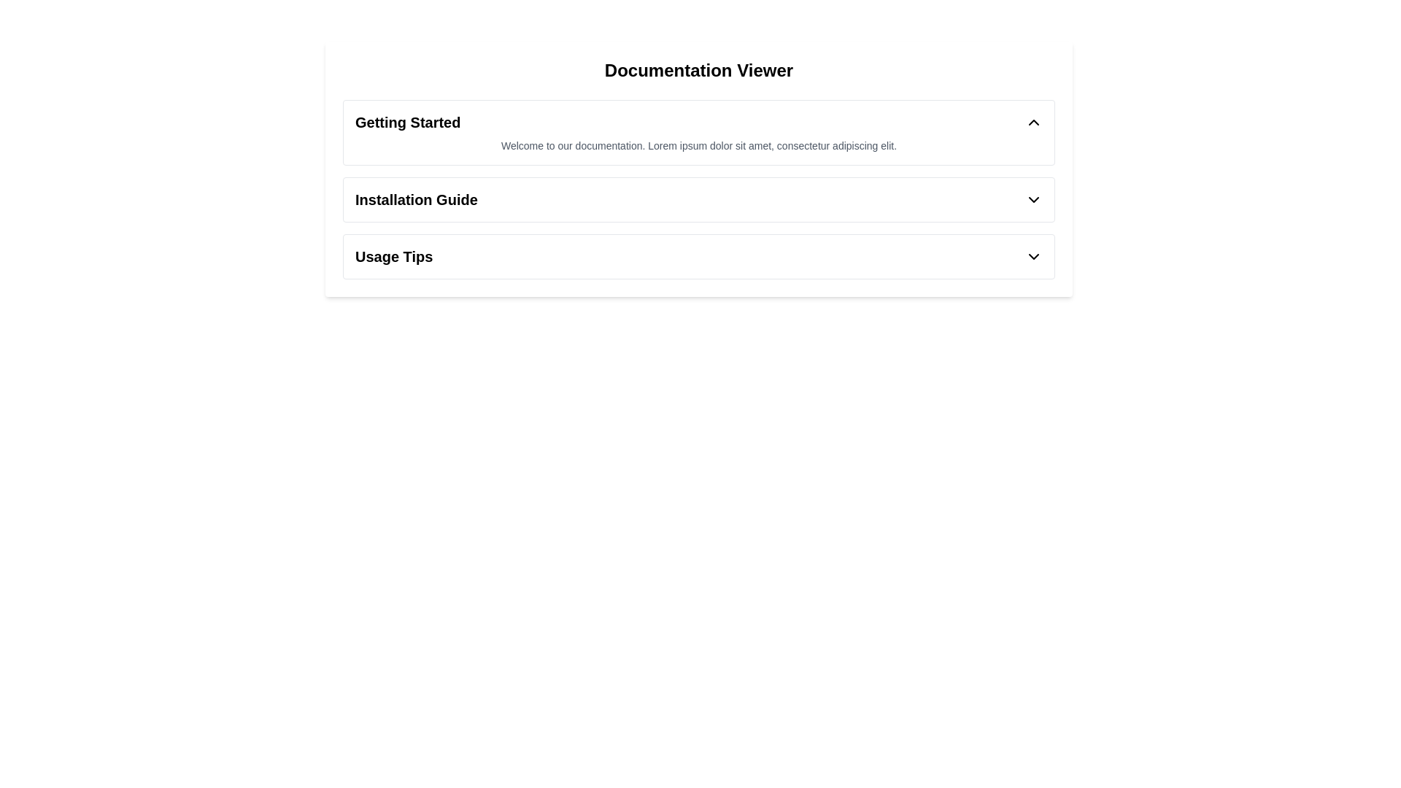 The width and height of the screenshot is (1401, 788). What do you see at coordinates (408, 122) in the screenshot?
I see `text of the Text Label located immediately below the title 'Documentation Viewer', which serves as a heading for the section` at bounding box center [408, 122].